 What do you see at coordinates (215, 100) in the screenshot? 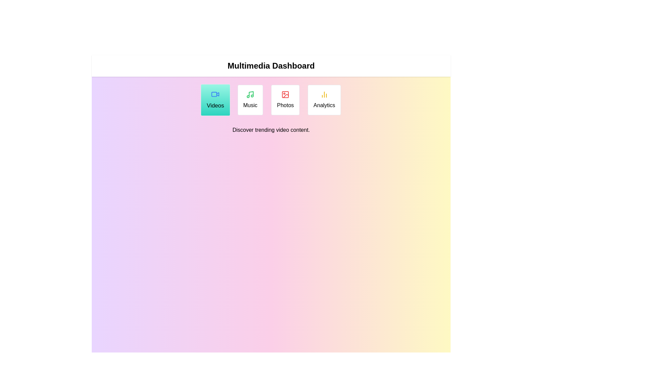
I see `the Videos tab to read its description` at bounding box center [215, 100].